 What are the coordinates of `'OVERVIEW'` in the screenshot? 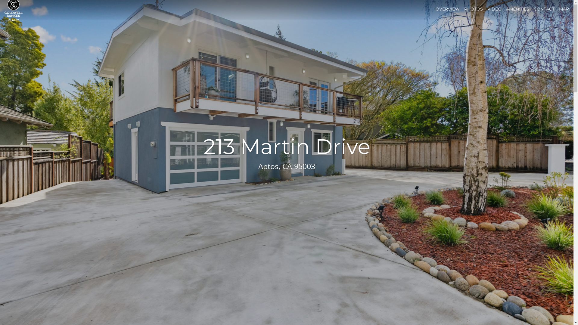 It's located at (435, 9).